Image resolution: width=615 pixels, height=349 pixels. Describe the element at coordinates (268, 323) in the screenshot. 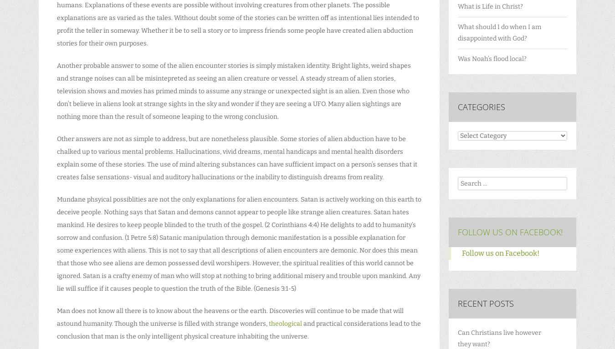

I see `'theological'` at that location.